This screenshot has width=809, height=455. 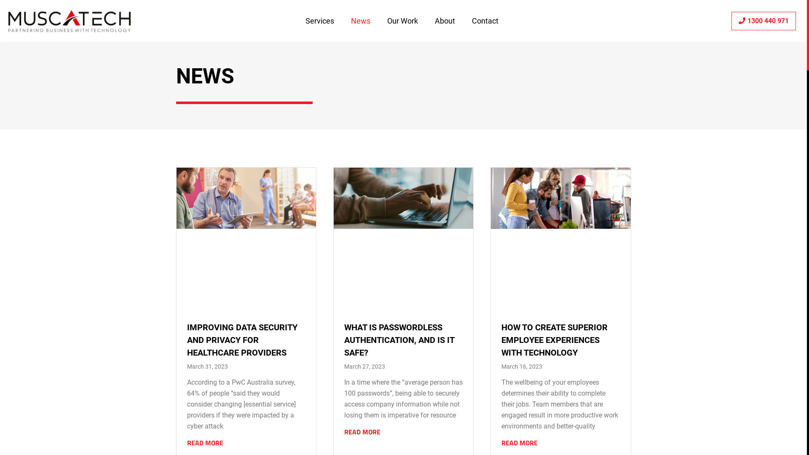 I want to click on 'HOW TO CREATE SUPERIOR EMPLOYEE EXPERIENCES WITH TECHNOLOGY', so click(x=554, y=339).